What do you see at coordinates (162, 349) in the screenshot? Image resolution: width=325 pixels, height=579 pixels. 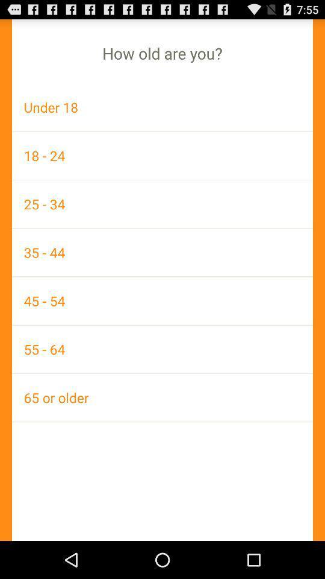 I see `icon above the 65 or older icon` at bounding box center [162, 349].